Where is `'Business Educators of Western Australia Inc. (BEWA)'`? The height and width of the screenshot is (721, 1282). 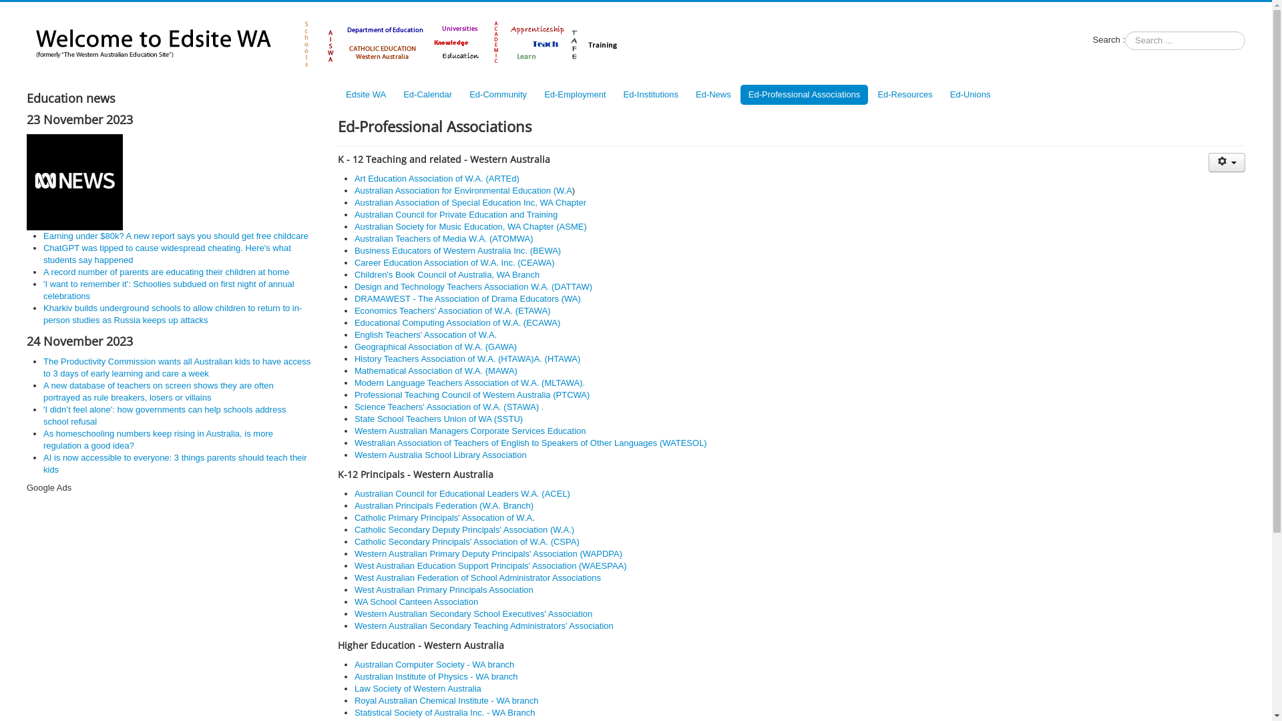
'Business Educators of Western Australia Inc. (BEWA)' is located at coordinates (457, 250).